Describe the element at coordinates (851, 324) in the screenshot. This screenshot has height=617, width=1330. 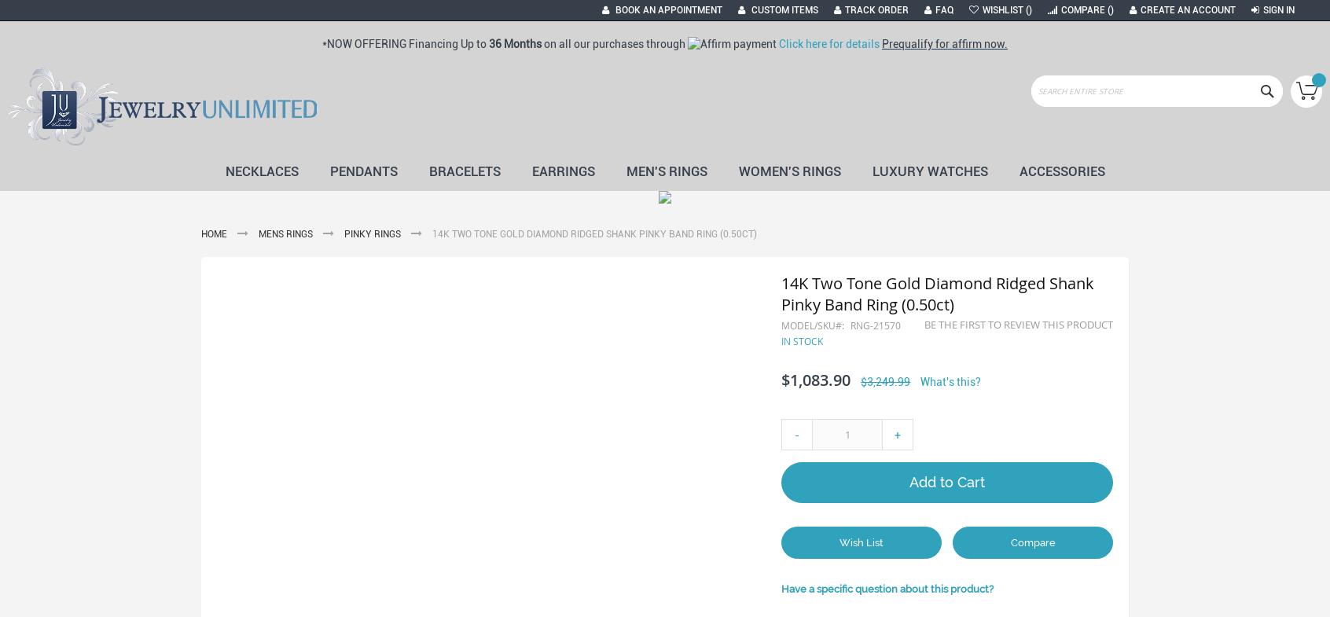
I see `'RNG-21570'` at that location.